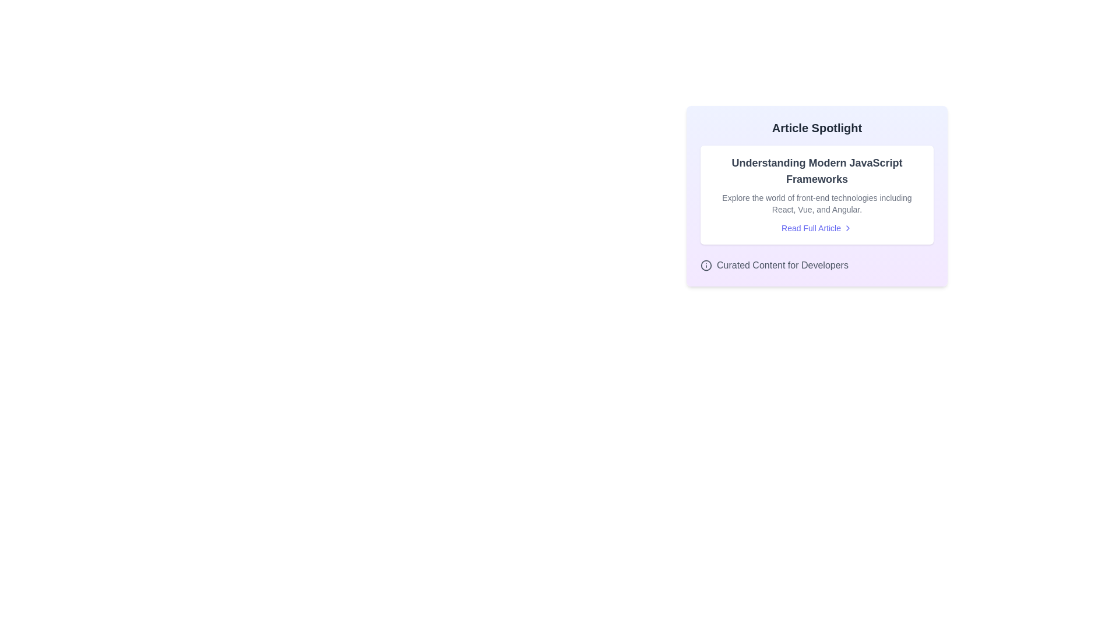 This screenshot has width=1119, height=629. Describe the element at coordinates (847, 228) in the screenshot. I see `the navigation icon located at the bottom-right section of the card, which indicates the 'Read Full Article' text action` at that location.